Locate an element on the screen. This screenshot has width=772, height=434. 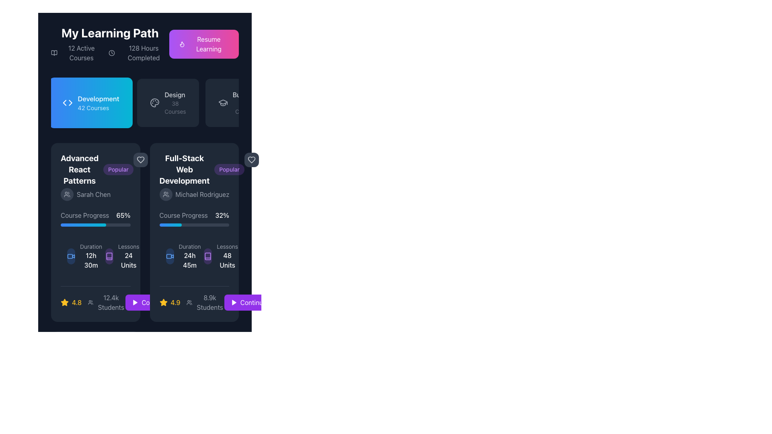
the text label that describes the time duration displayed below it, which is positioned directly above the '12h 30m' label in the 'Advanced React Patterns' card layout is located at coordinates (91, 246).